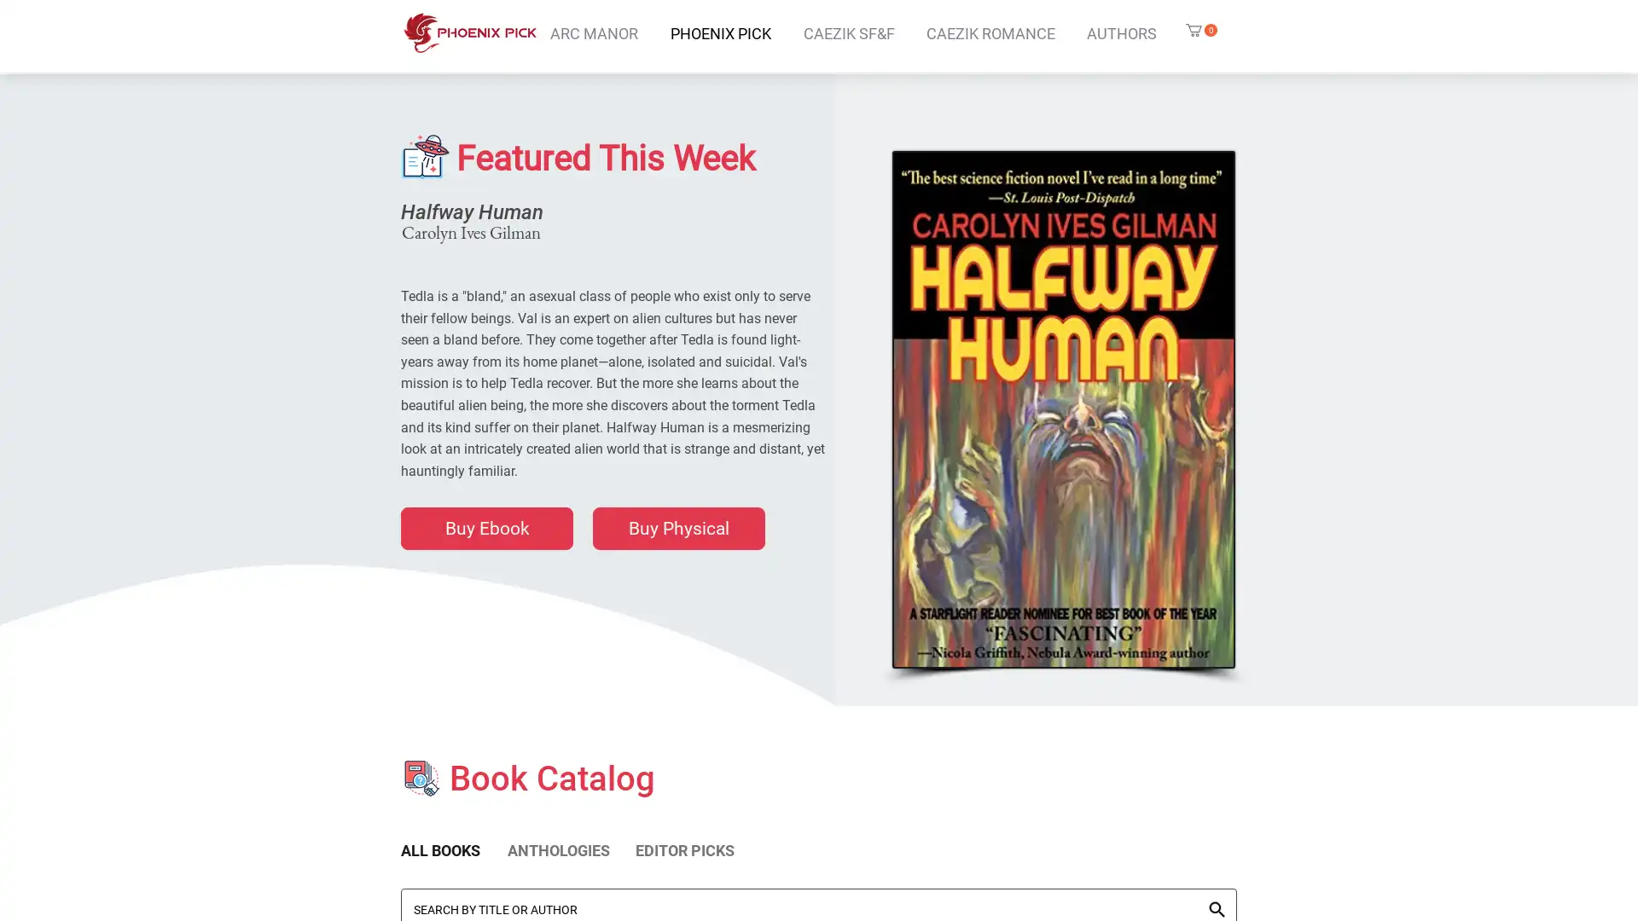 The width and height of the screenshot is (1638, 921). What do you see at coordinates (708, 851) in the screenshot?
I see `EDITOR PICKS` at bounding box center [708, 851].